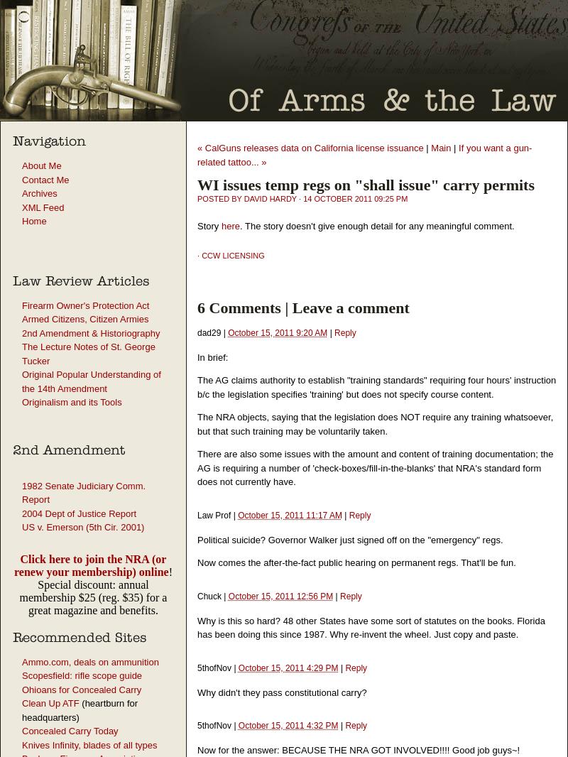  I want to click on 'Contact Me', so click(45, 178).